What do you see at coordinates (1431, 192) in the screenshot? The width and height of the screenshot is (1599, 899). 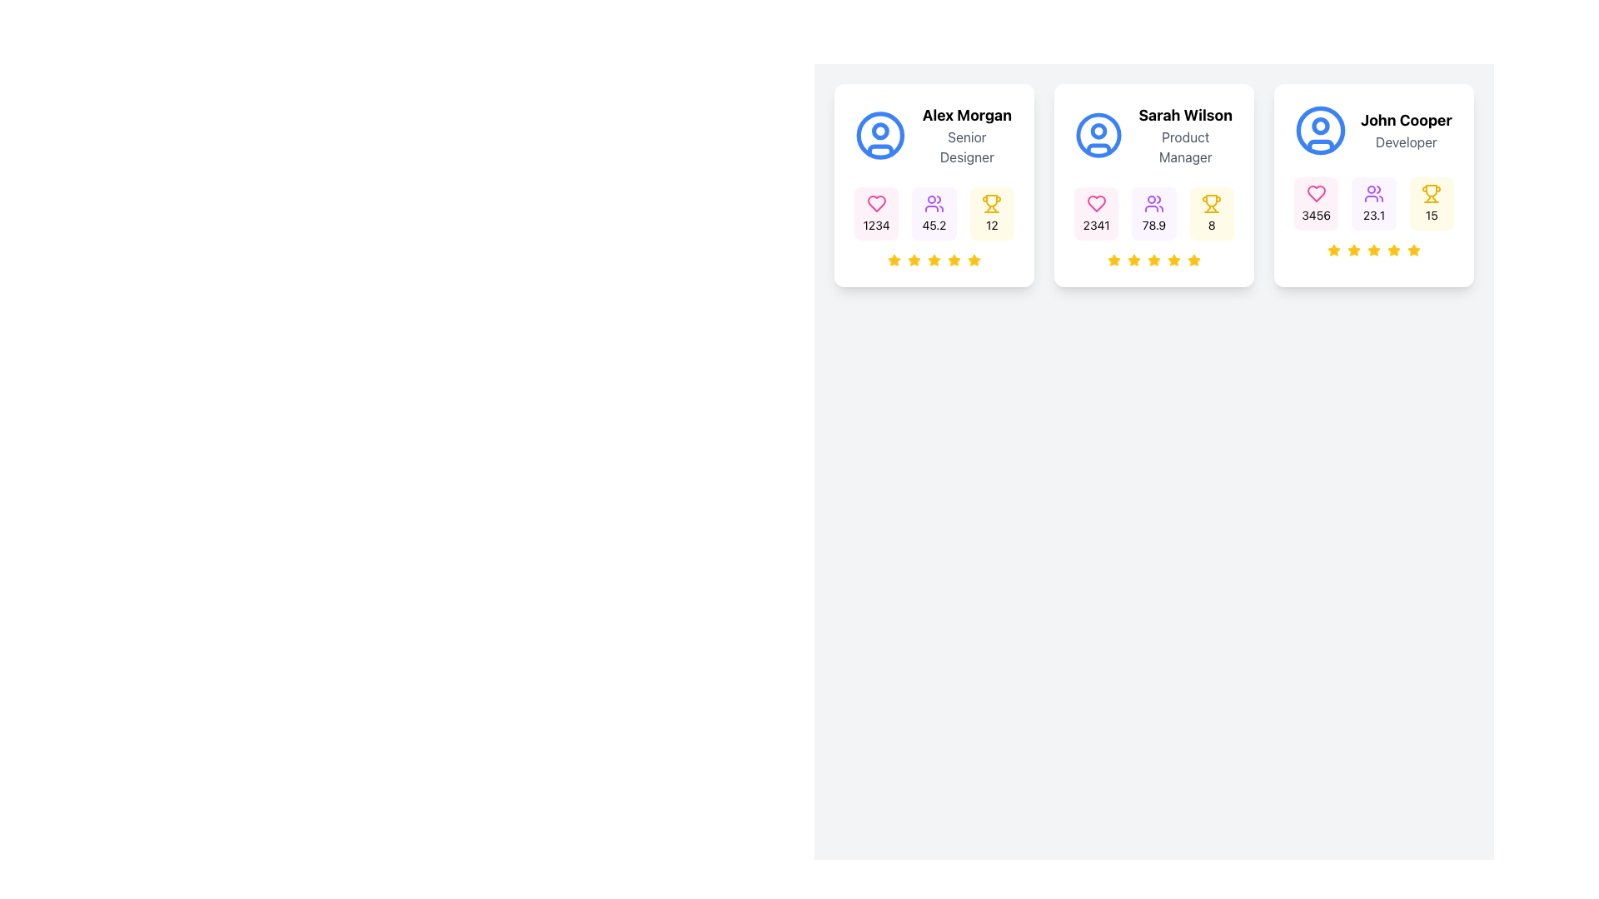 I see `the trophy icon, which is yellow and indicates an award or achievement, located above the number '15' in John Cooper's profile card` at bounding box center [1431, 192].